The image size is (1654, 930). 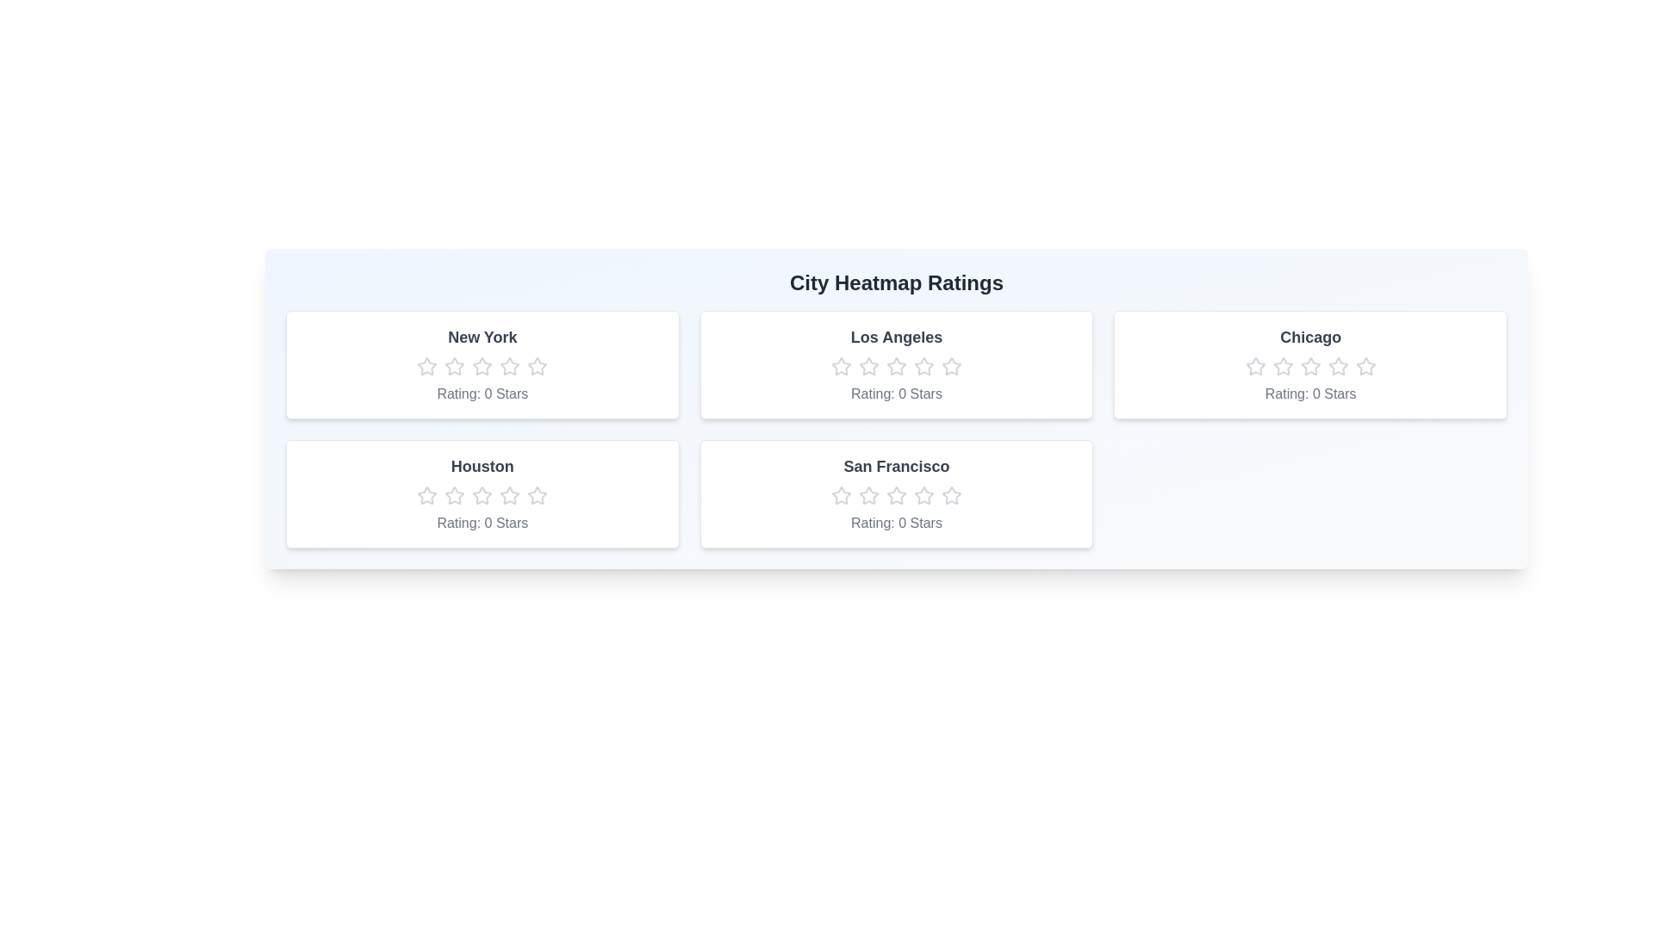 I want to click on the New York rating star number 1, so click(x=427, y=365).